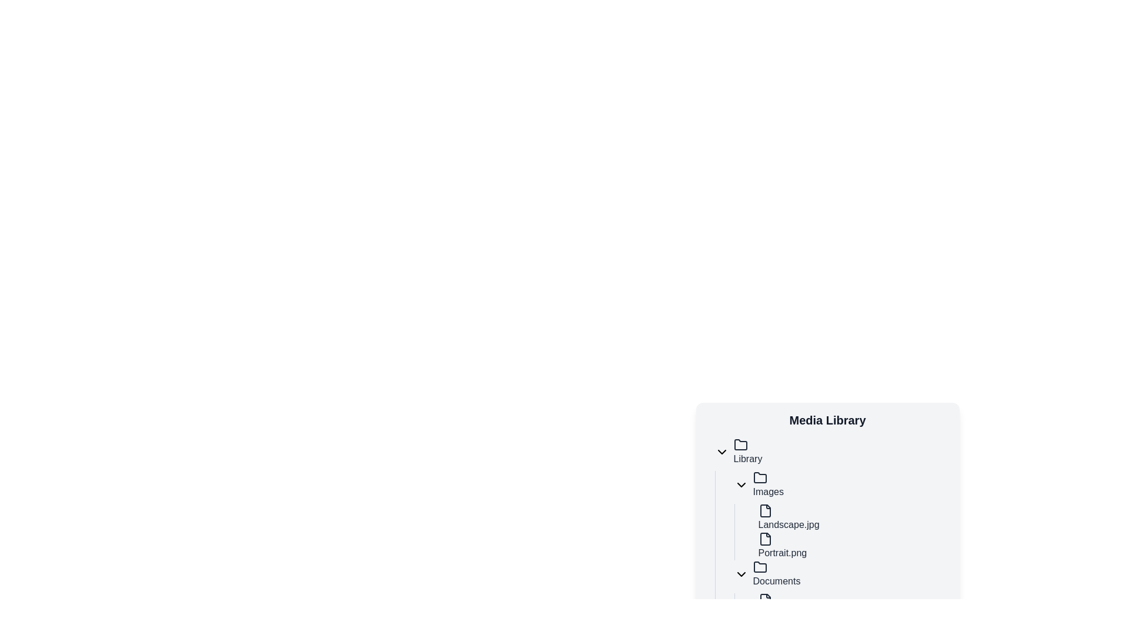  I want to click on the SVG-based file icon representing 'Resume.pdf' located in the 'Documents' section of the Media Library interface, so click(765, 600).